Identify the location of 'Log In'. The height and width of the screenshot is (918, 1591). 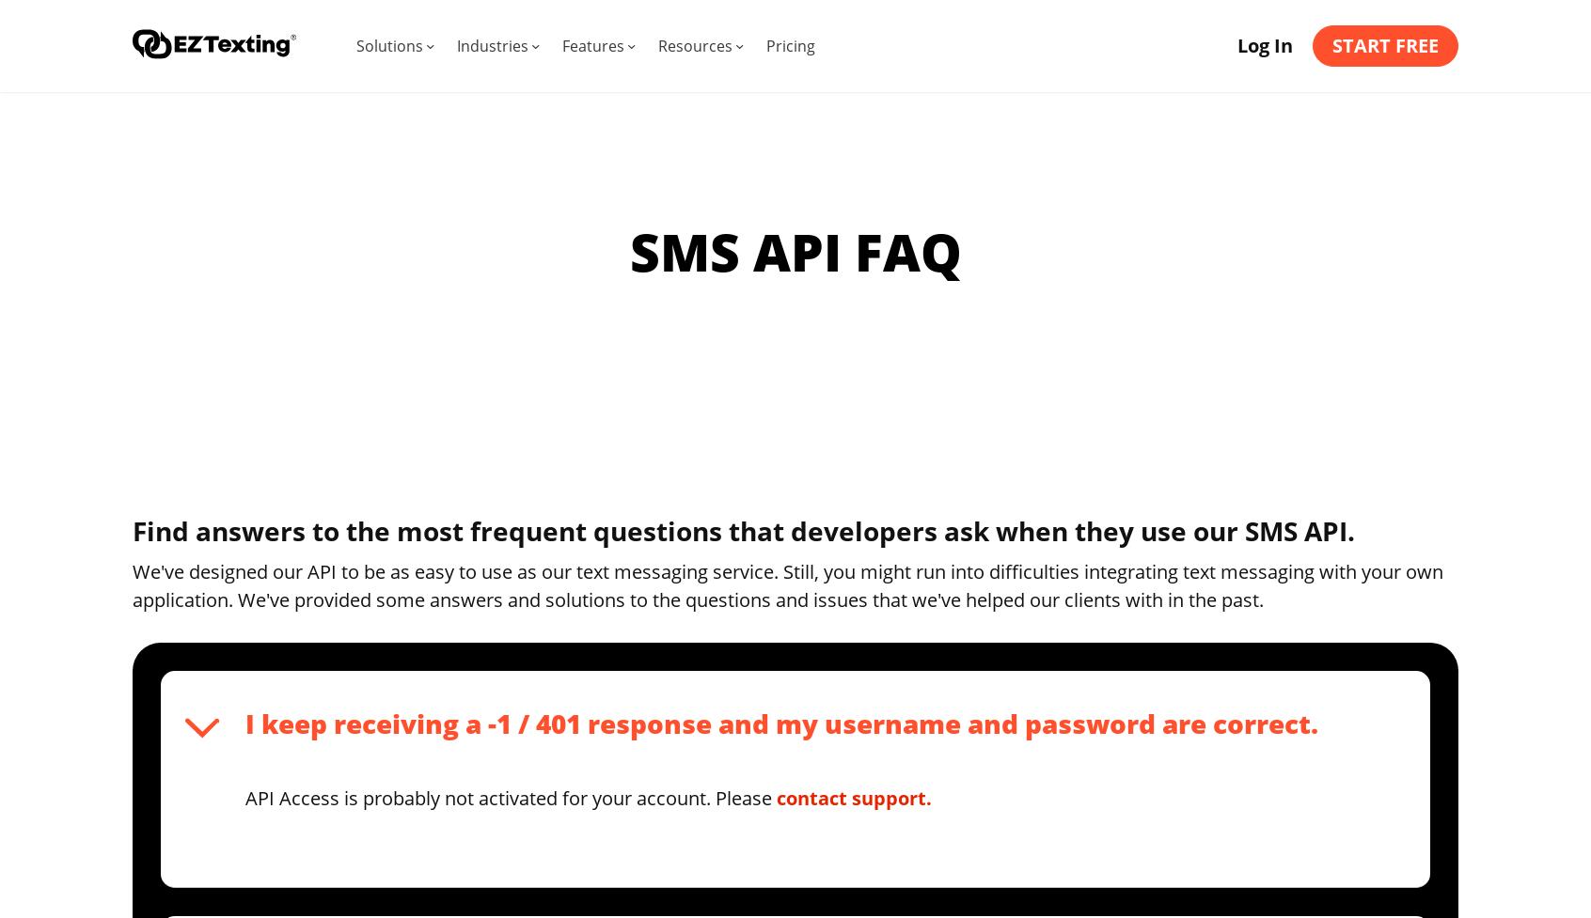
(1265, 45).